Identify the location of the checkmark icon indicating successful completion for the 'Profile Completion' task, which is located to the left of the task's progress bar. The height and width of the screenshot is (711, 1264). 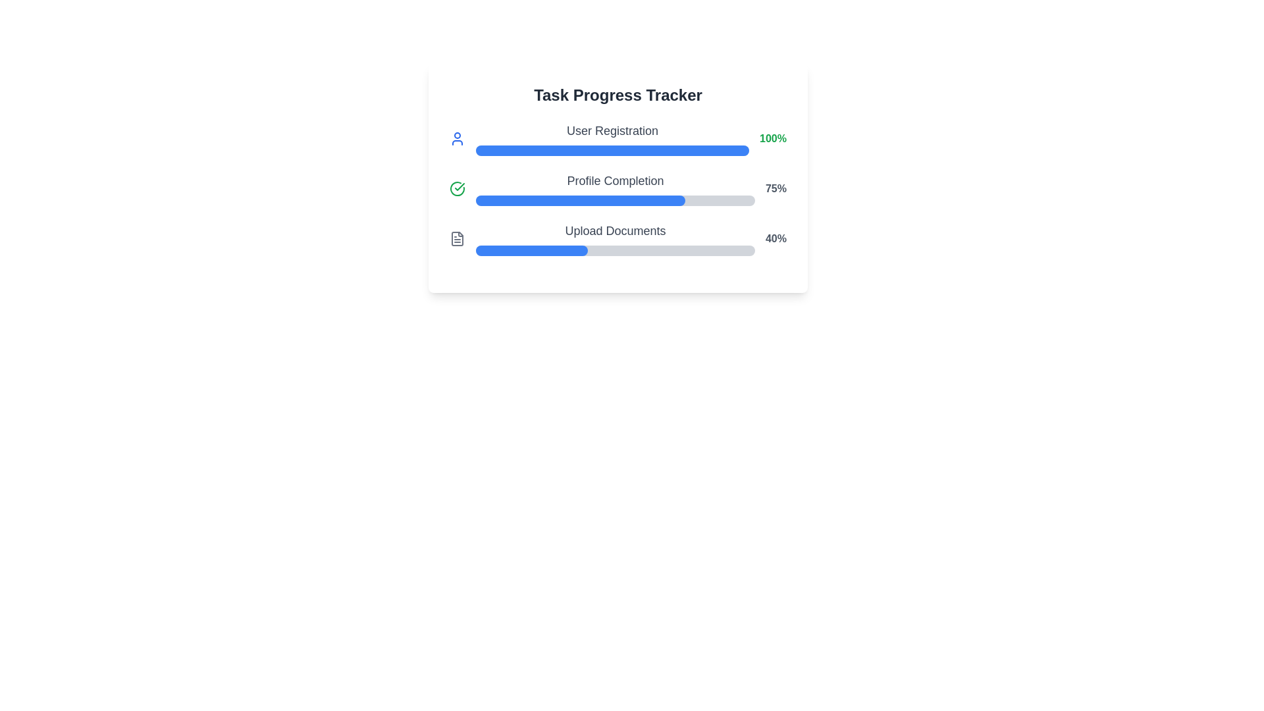
(460, 187).